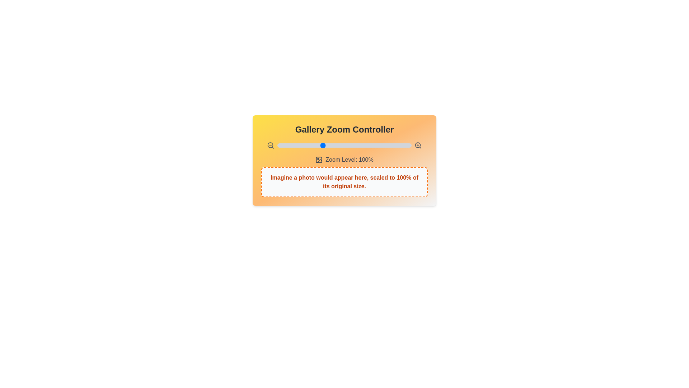 Image resolution: width=689 pixels, height=388 pixels. Describe the element at coordinates (397, 145) in the screenshot. I see `the zoom level to 184% by interacting with the slider` at that location.